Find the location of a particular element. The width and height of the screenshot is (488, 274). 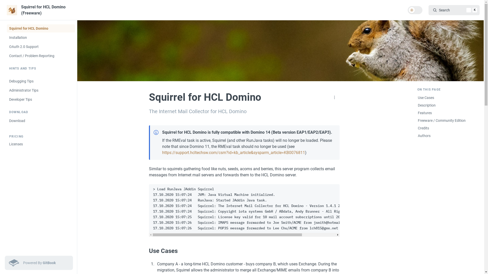

'Powered By GitBook' is located at coordinates (5, 263).